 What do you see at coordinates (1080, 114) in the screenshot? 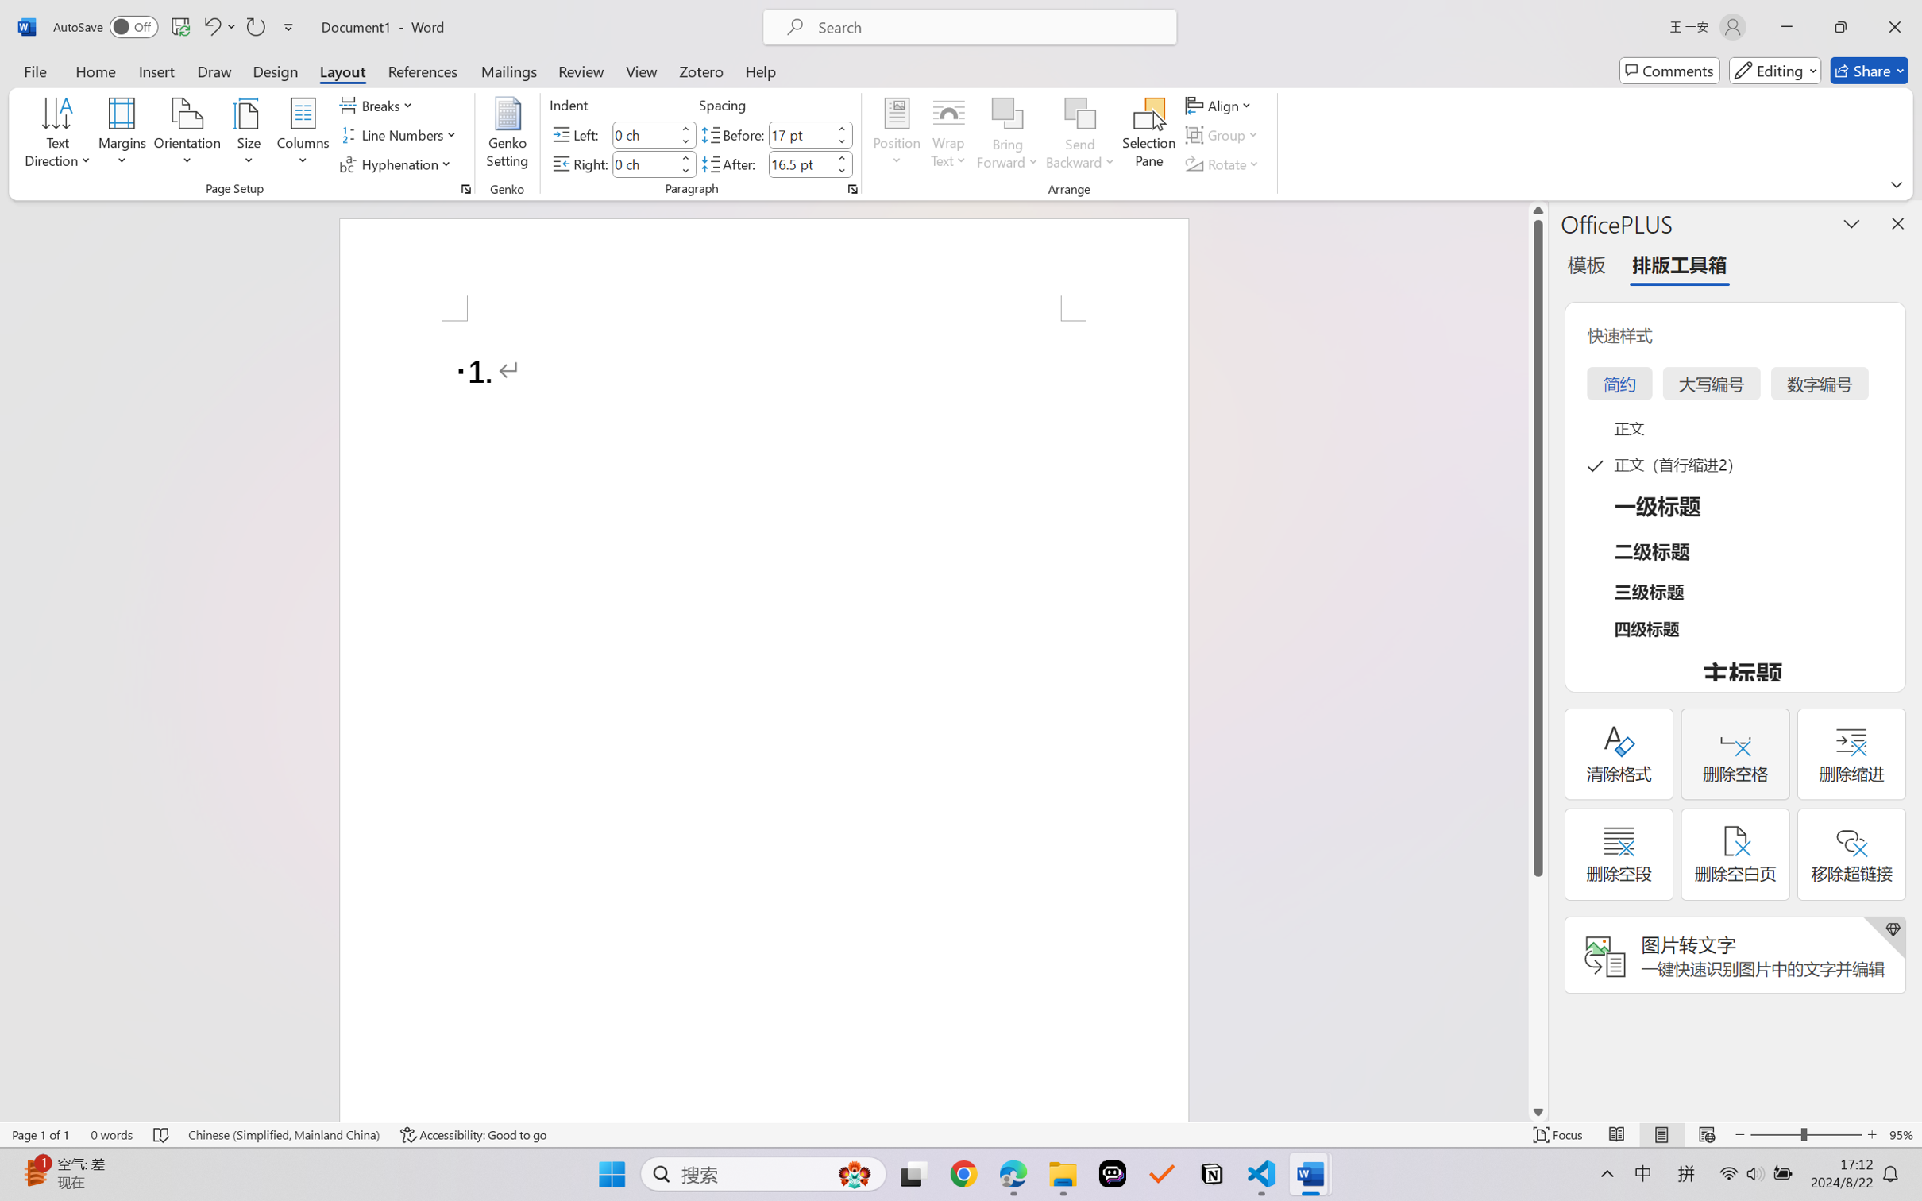
I see `'Send Backward'` at bounding box center [1080, 114].